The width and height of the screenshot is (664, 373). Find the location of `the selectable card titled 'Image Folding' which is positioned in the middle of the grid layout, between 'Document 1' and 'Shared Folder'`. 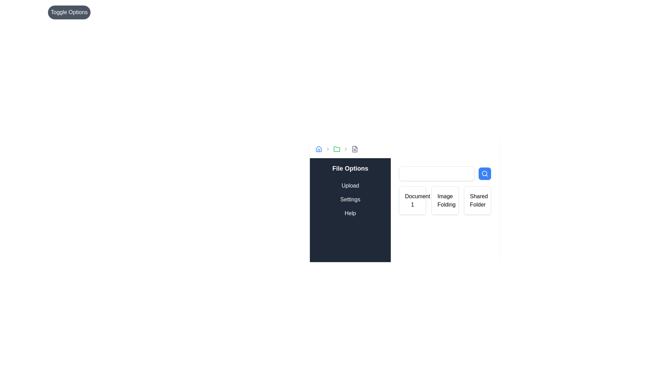

the selectable card titled 'Image Folding' which is positioned in the middle of the grid layout, between 'Document 1' and 'Shared Folder' is located at coordinates (445, 201).